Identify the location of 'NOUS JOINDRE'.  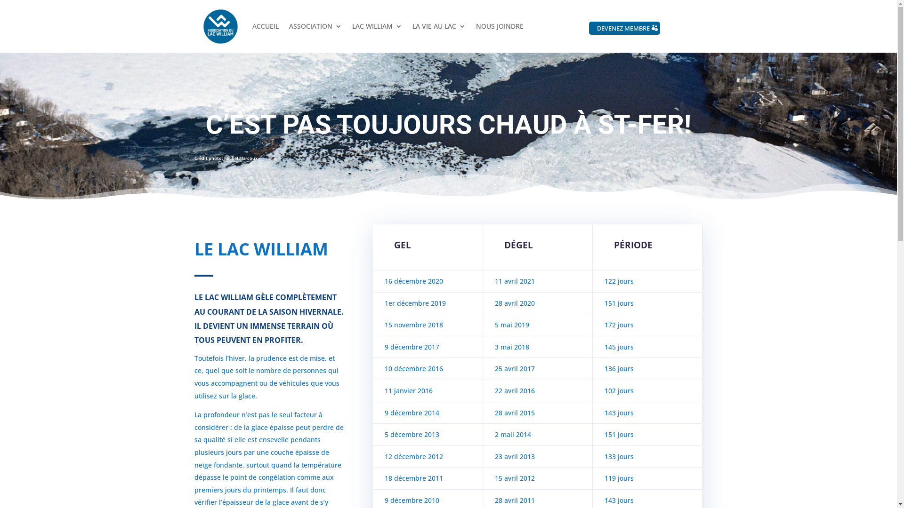
(499, 26).